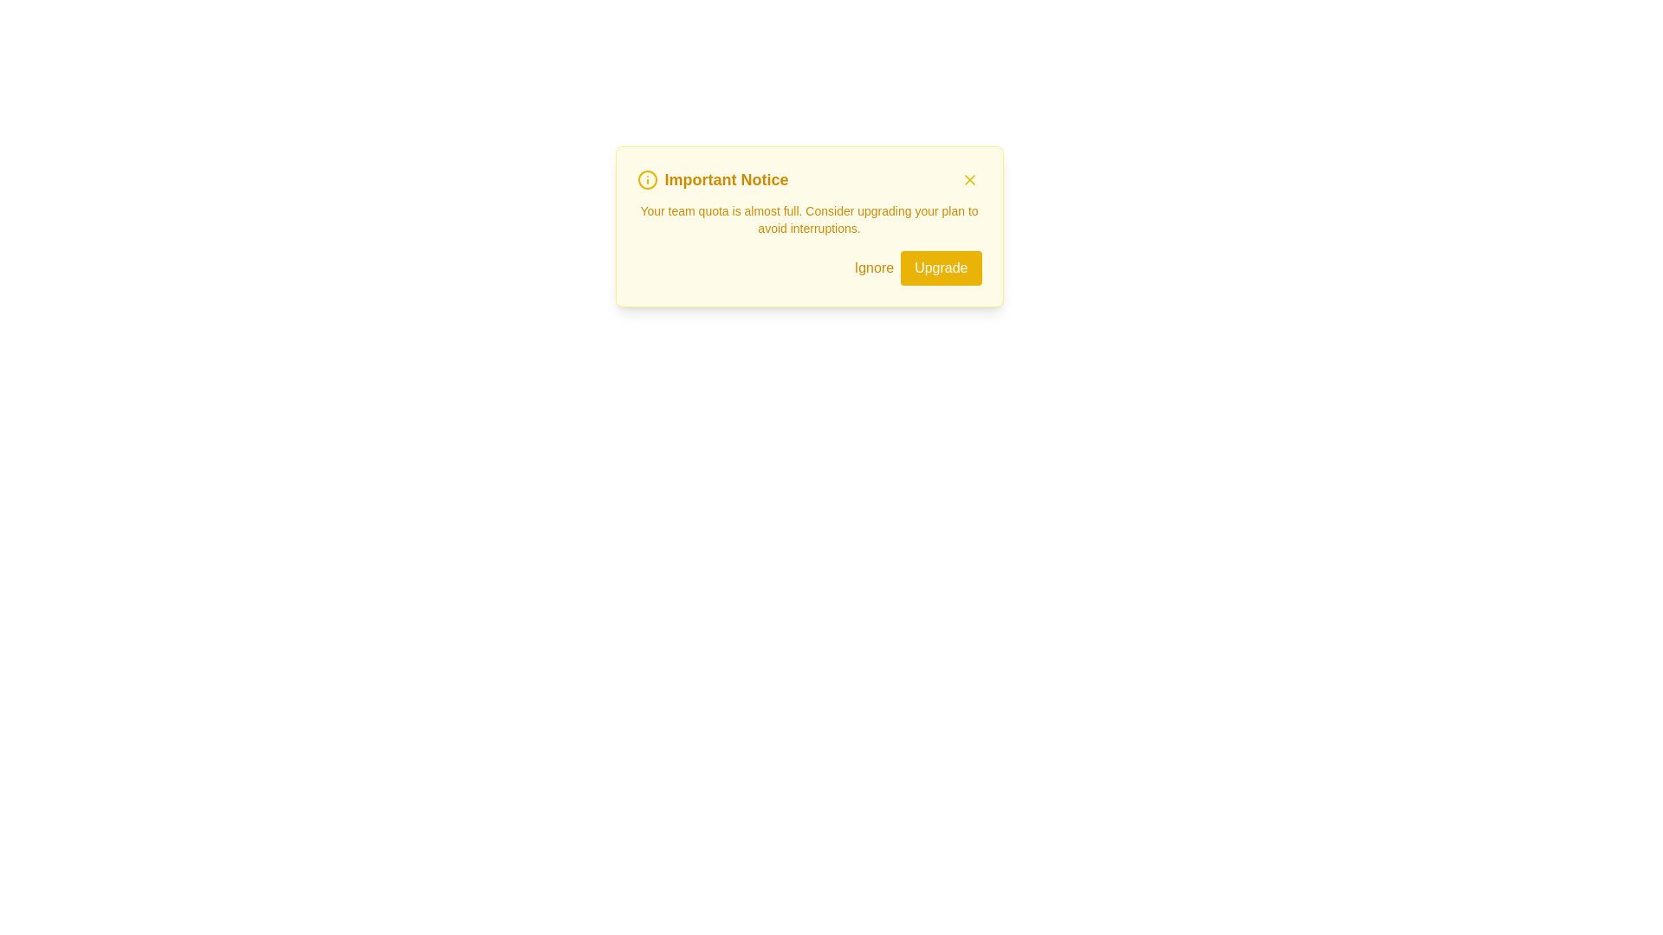 The width and height of the screenshot is (1663, 935). Describe the element at coordinates (940, 268) in the screenshot. I see `the 'Upgrade' button with a bright yellow background and white text` at that location.